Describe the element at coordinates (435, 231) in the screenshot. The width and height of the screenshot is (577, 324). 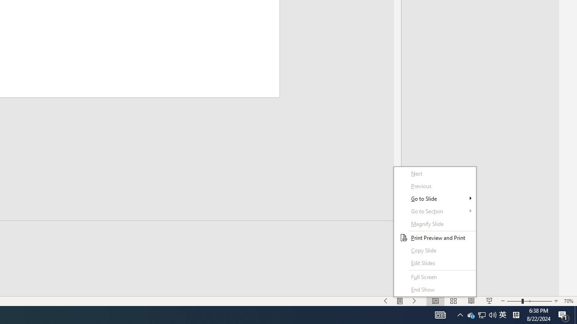
I see `'Class: NetUITWMenuContainer'` at that location.